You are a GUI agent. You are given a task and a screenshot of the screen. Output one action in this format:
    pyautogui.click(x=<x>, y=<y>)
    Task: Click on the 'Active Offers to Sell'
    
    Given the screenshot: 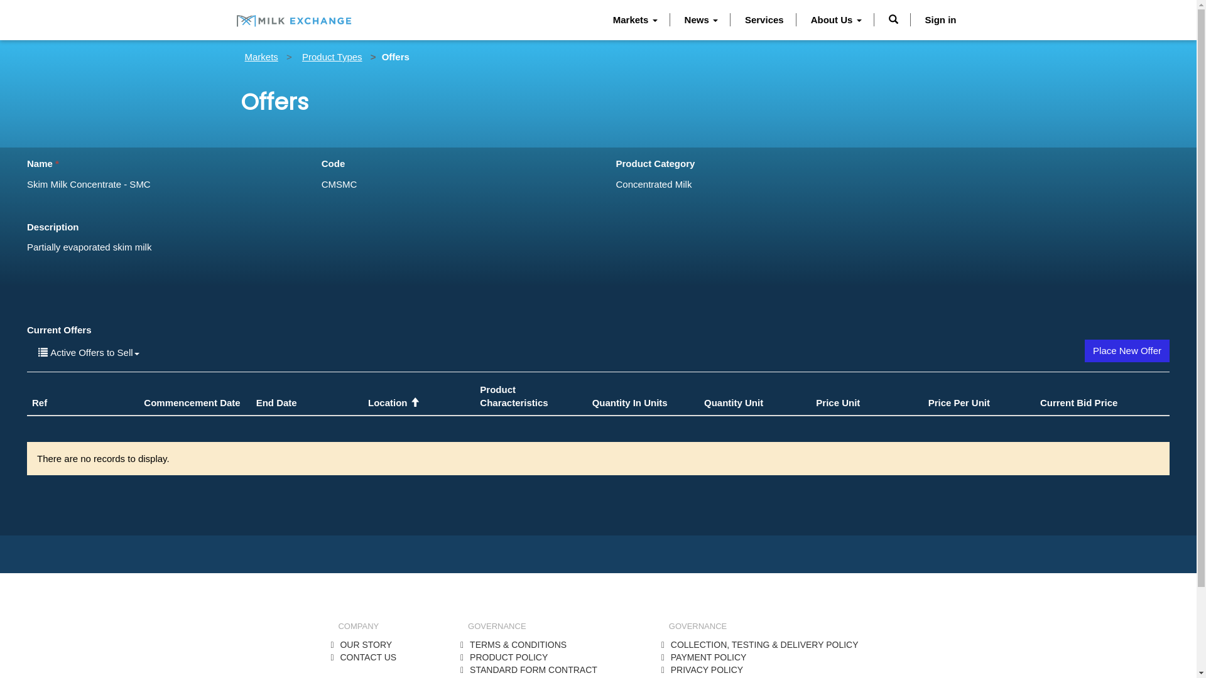 What is the action you would take?
    pyautogui.click(x=88, y=352)
    